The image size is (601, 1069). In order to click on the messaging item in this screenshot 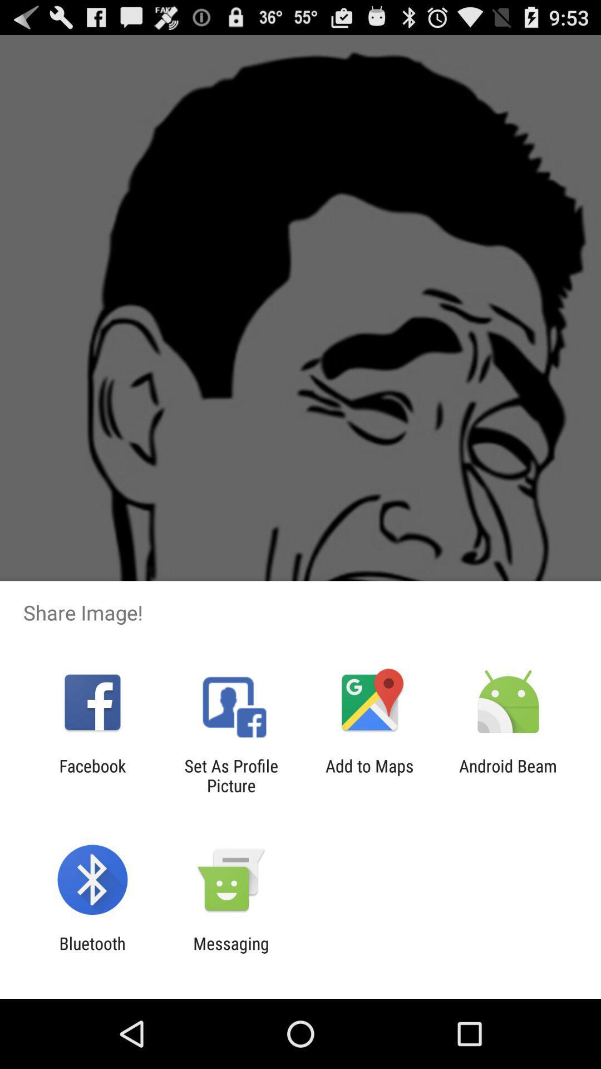, I will do `click(230, 953)`.